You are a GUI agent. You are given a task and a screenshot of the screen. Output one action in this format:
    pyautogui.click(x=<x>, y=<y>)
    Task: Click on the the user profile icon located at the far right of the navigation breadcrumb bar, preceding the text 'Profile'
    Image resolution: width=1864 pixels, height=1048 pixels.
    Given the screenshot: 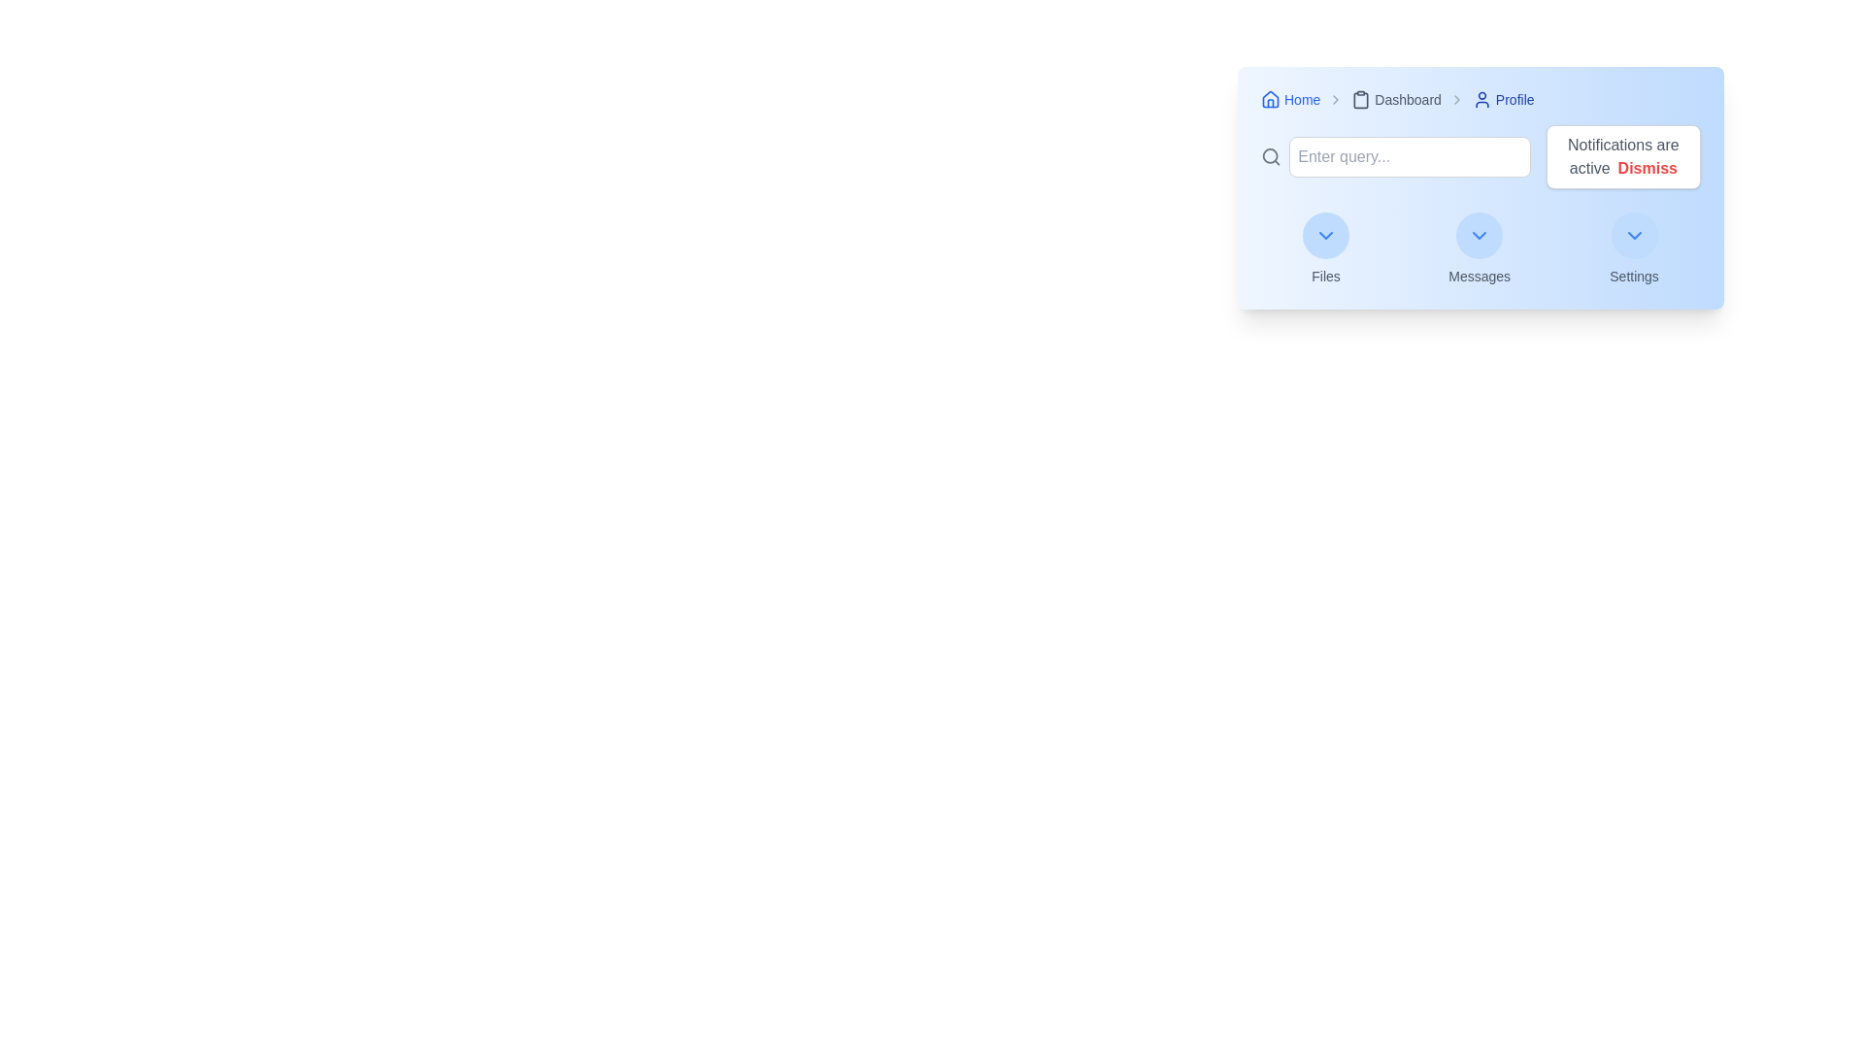 What is the action you would take?
    pyautogui.click(x=1481, y=100)
    